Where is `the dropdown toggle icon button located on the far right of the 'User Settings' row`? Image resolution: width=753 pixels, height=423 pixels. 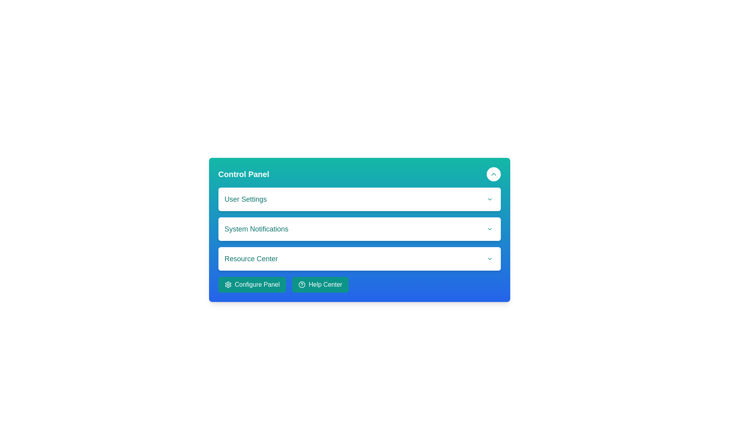 the dropdown toggle icon button located on the far right of the 'User Settings' row is located at coordinates (489, 199).